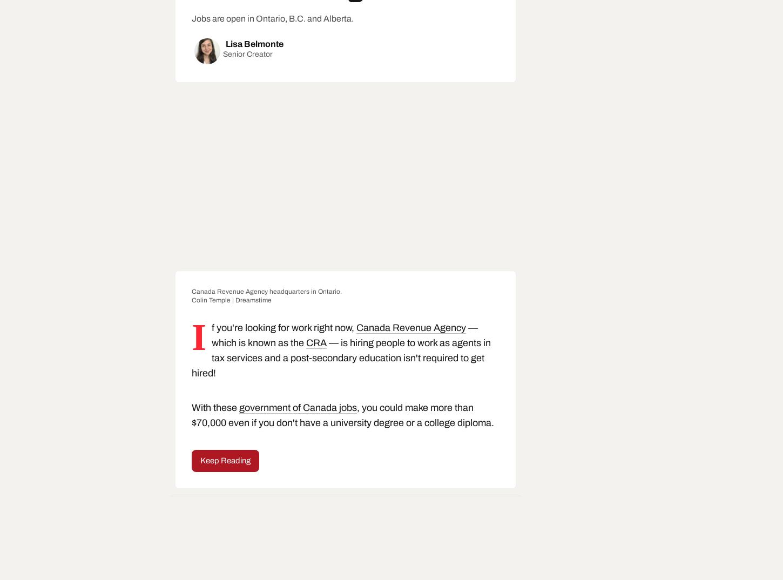 Image resolution: width=783 pixels, height=580 pixels. I want to click on 'Senior Creator', so click(247, 54).